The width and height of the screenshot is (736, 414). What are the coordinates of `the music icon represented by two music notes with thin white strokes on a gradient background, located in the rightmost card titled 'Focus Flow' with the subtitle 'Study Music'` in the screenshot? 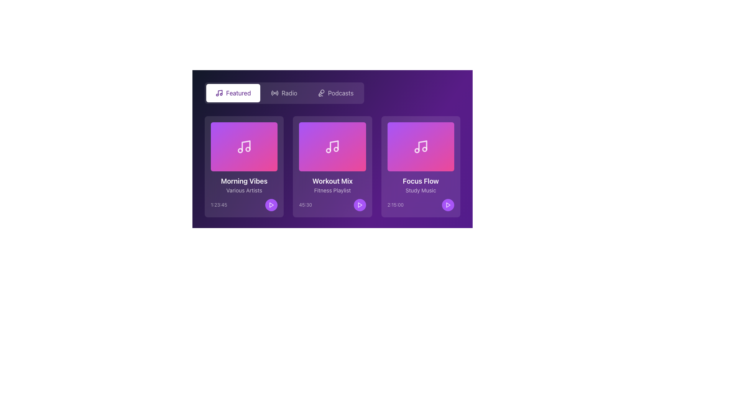 It's located at (420, 146).